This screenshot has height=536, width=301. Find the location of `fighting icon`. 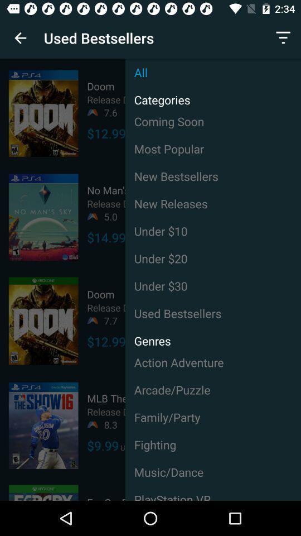

fighting icon is located at coordinates (213, 444).